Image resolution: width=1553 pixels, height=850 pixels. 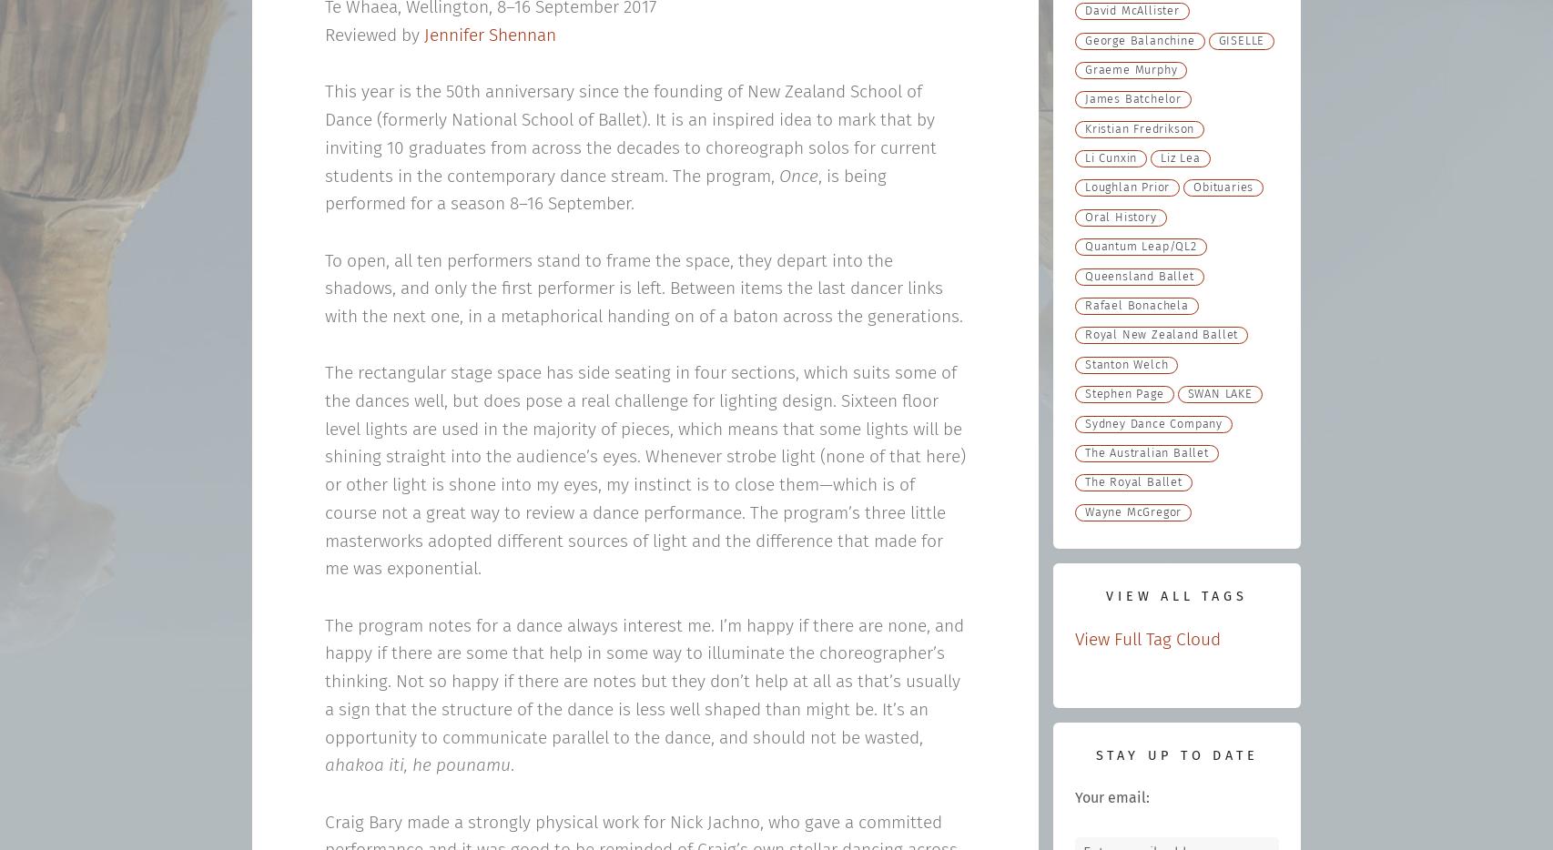 What do you see at coordinates (629, 134) in the screenshot?
I see `'This year is the 50th anniversary since the founding of New Zealand School of Dance (formerly National School of Ballet). It is an inspired idea to mark that by inviting 10 graduates from across the decades to choreograph solos for current students in the contemporary dance stream. The program,'` at bounding box center [629, 134].